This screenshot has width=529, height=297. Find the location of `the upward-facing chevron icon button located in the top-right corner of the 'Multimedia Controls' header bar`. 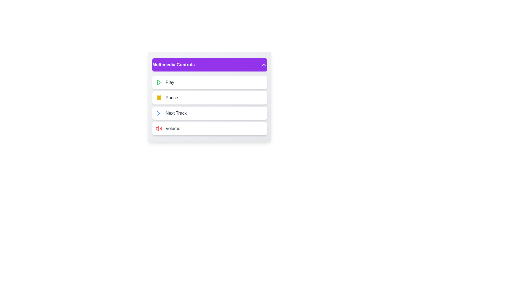

the upward-facing chevron icon button located in the top-right corner of the 'Multimedia Controls' header bar is located at coordinates (263, 64).